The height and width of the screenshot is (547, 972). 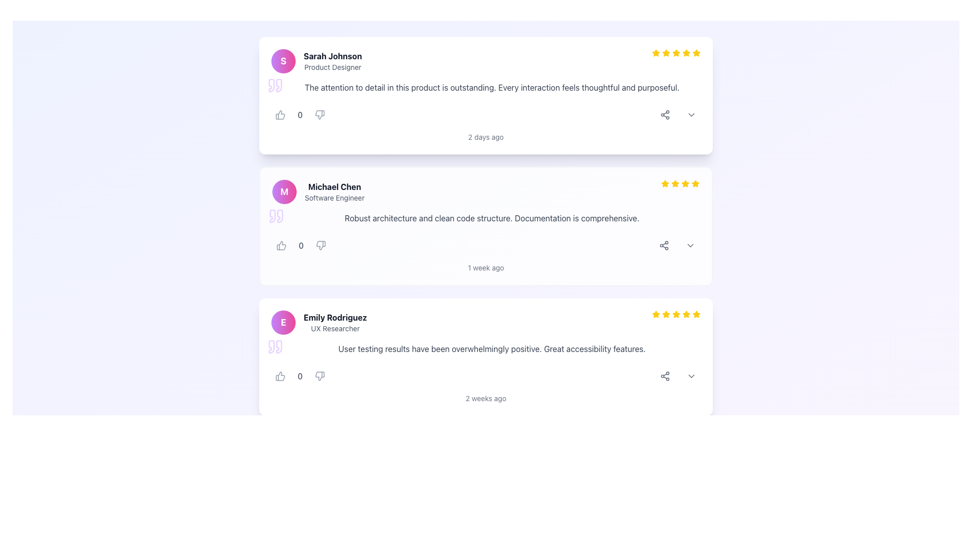 I want to click on the positive feedback button located to the left of the text node displaying '0' to activate the hover styling effect, so click(x=280, y=376).